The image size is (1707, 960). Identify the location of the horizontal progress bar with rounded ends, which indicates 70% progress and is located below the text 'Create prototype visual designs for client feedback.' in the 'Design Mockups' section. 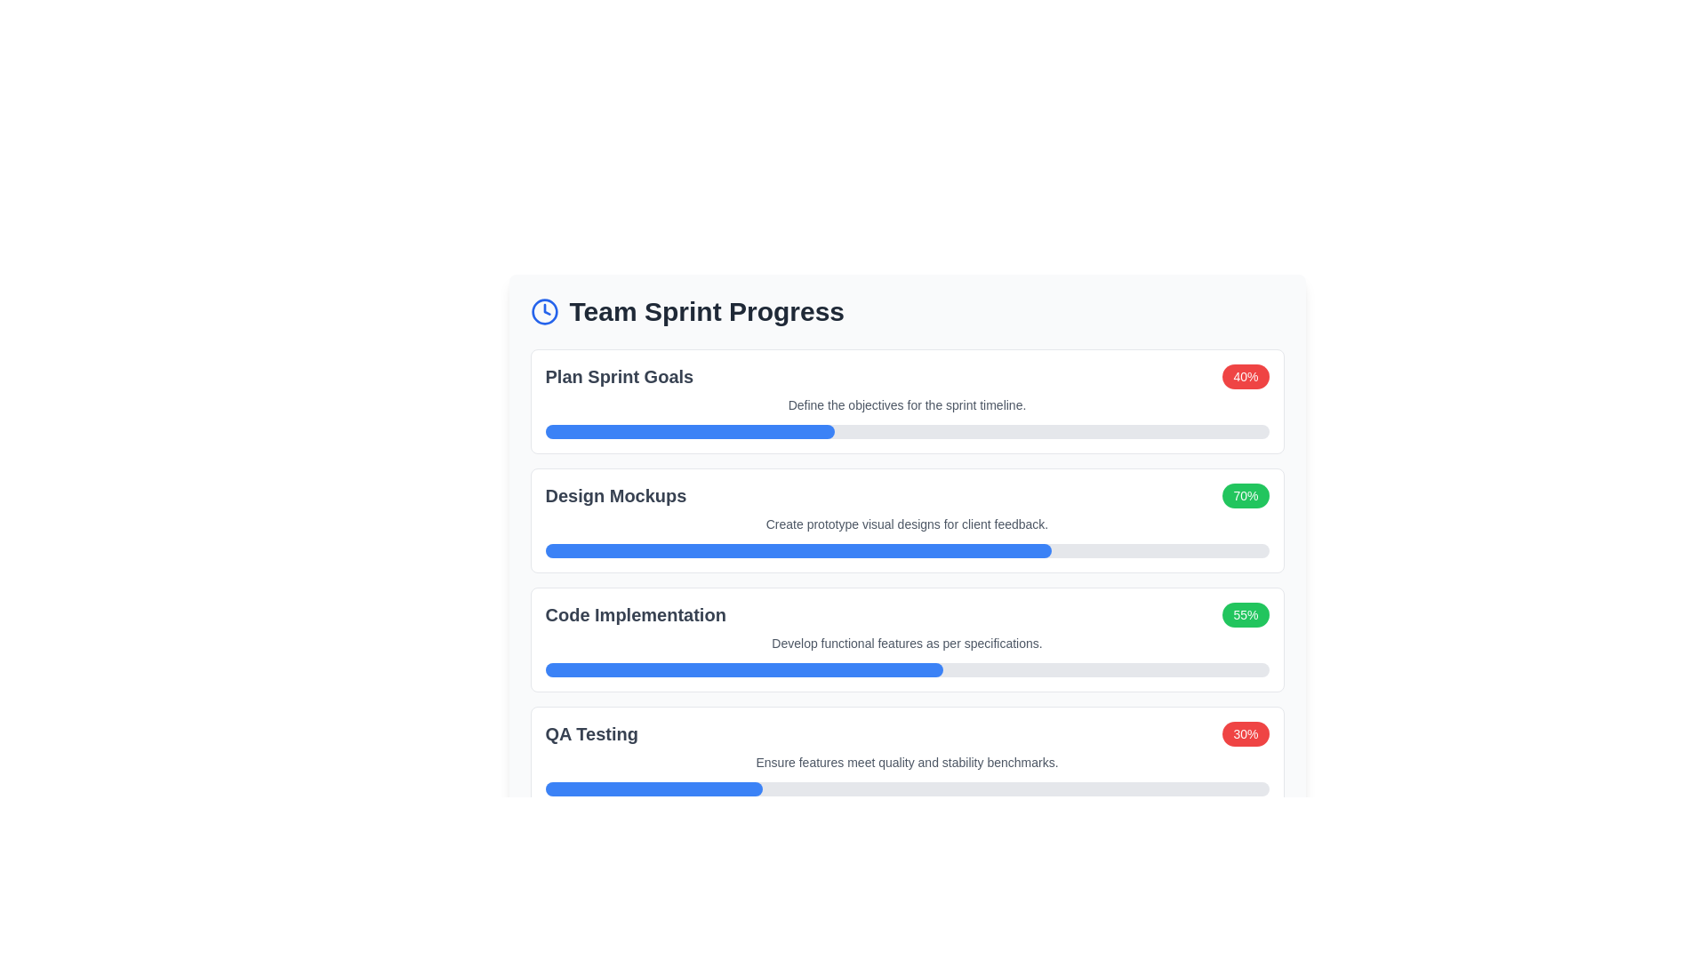
(907, 550).